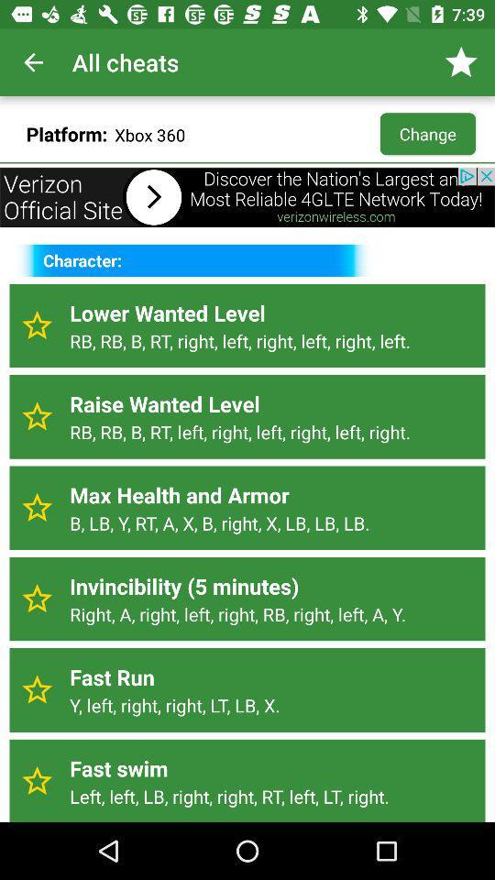 This screenshot has height=880, width=495. What do you see at coordinates (37, 688) in the screenshot?
I see `the star icon` at bounding box center [37, 688].